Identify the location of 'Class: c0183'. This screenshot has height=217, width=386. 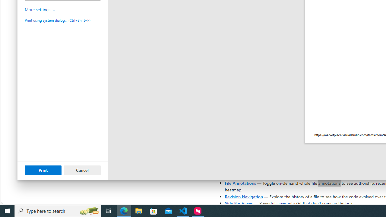
(54, 10).